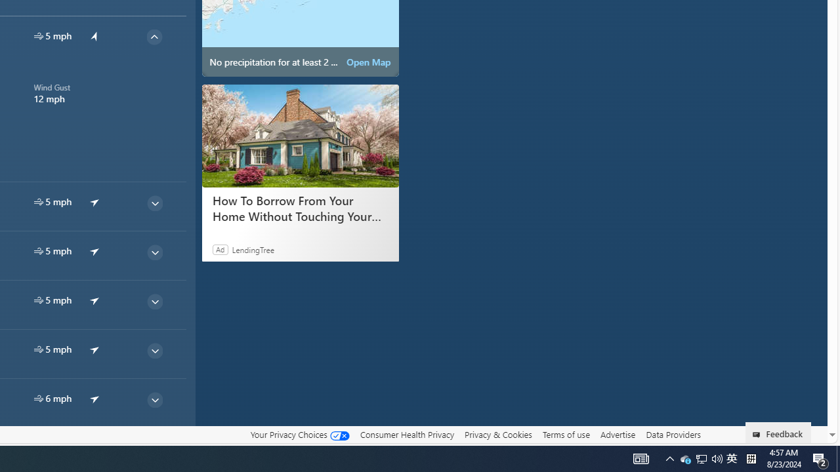 Image resolution: width=840 pixels, height=472 pixels. What do you see at coordinates (299, 435) in the screenshot?
I see `'Your Privacy Choices'` at bounding box center [299, 435].